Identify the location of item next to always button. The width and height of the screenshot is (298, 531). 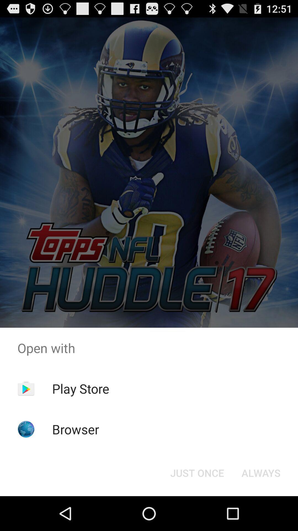
(197, 472).